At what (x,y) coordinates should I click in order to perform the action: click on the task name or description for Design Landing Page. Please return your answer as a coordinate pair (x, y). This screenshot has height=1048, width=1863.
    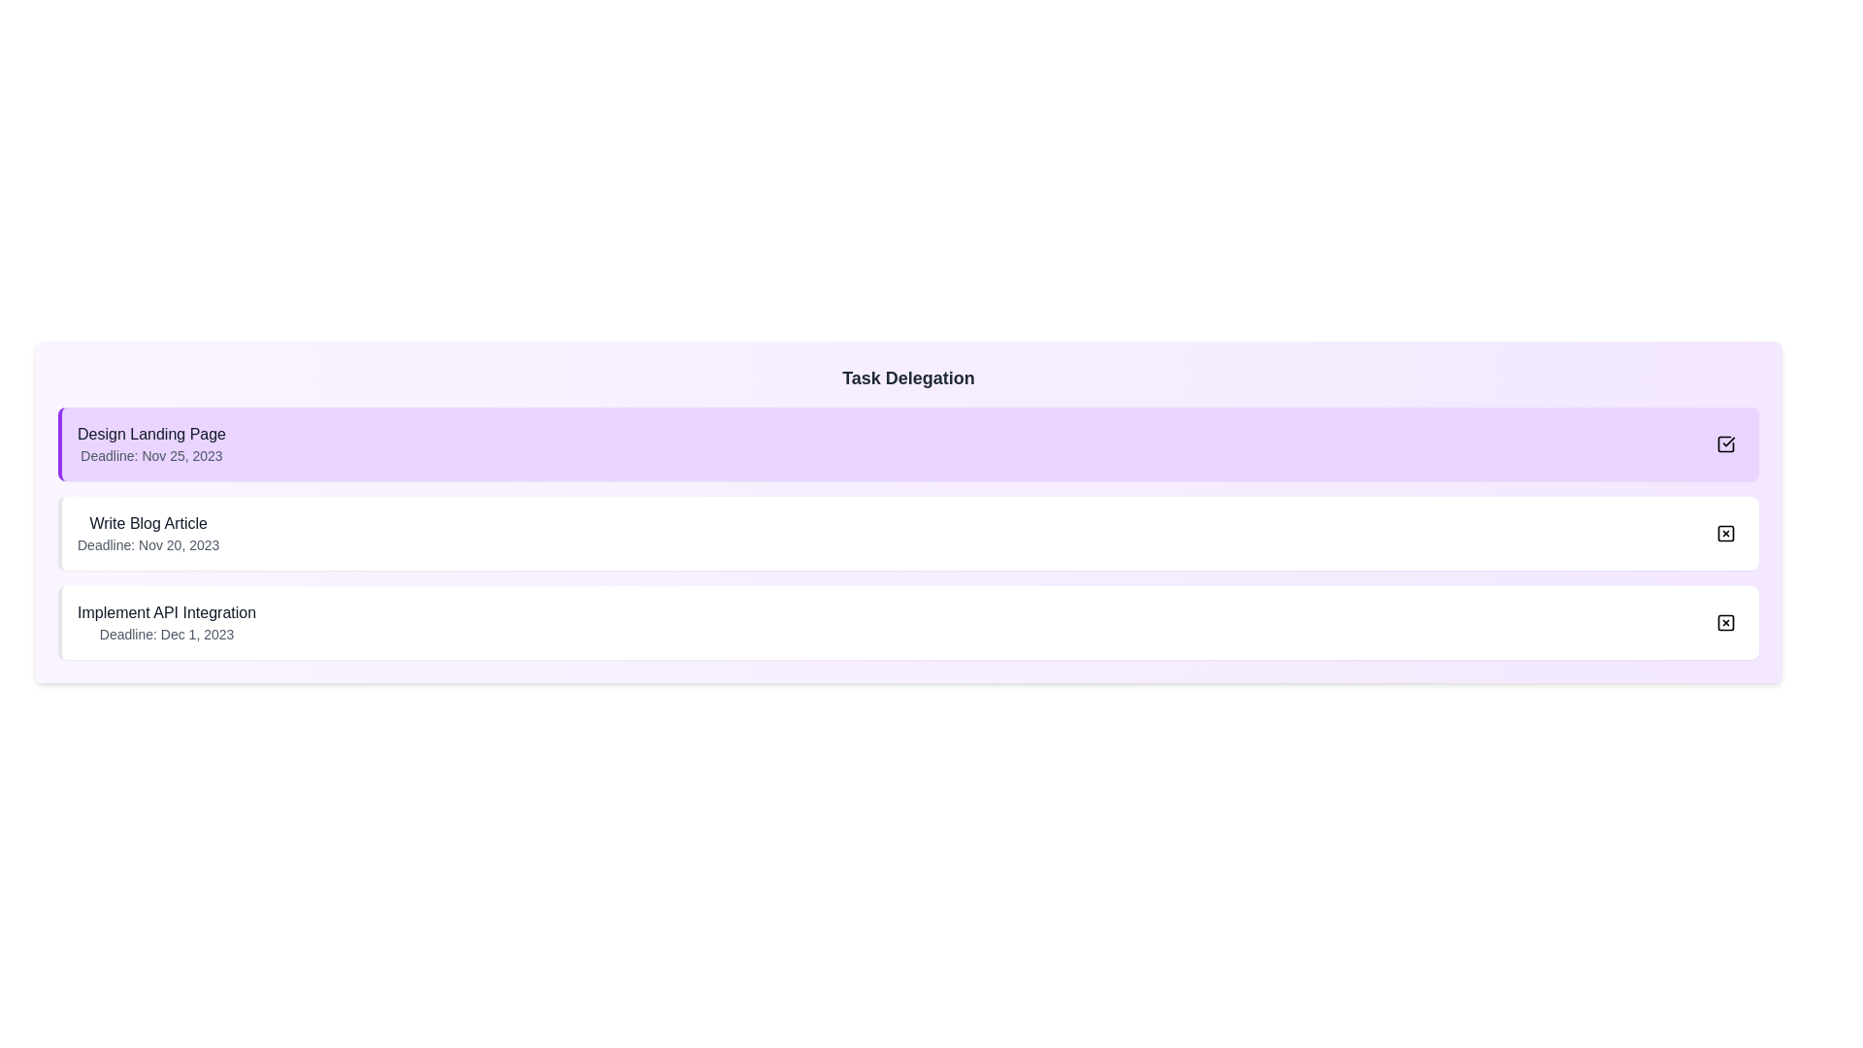
    Looking at the image, I should click on (150, 444).